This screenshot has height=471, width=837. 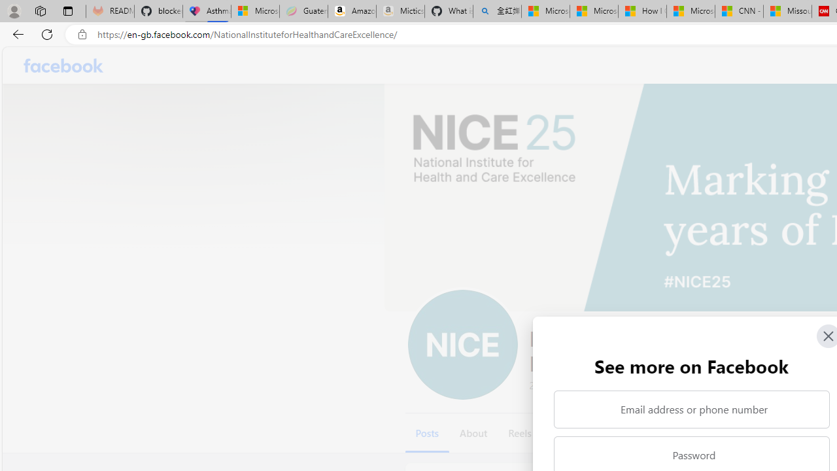 What do you see at coordinates (739, 11) in the screenshot?
I see `'CNN - MSN'` at bounding box center [739, 11].